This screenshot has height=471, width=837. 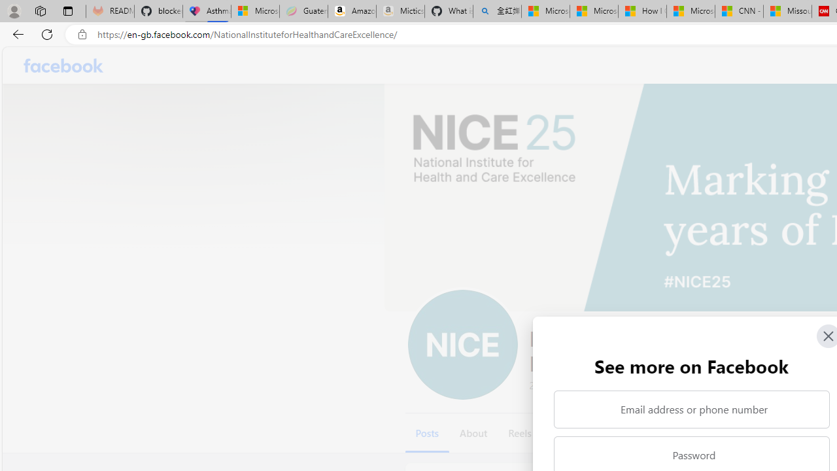 What do you see at coordinates (739, 11) in the screenshot?
I see `'CNN - MSN'` at bounding box center [739, 11].